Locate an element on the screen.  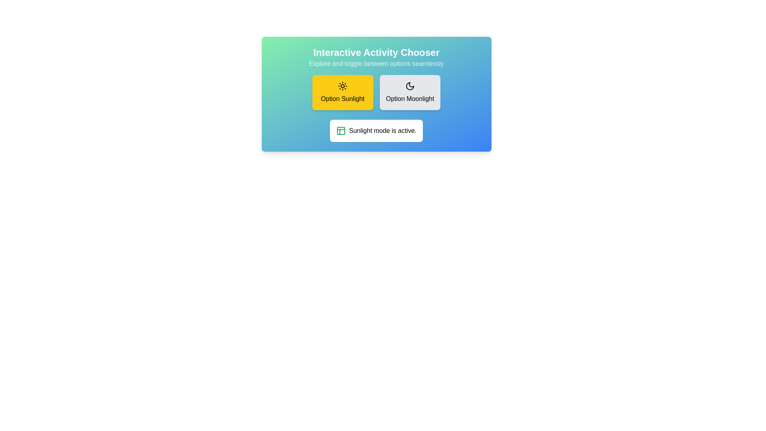
the 'Sunlight mode' indicator icon located to the left of the text 'Sunlight mode is active' is located at coordinates (341, 130).